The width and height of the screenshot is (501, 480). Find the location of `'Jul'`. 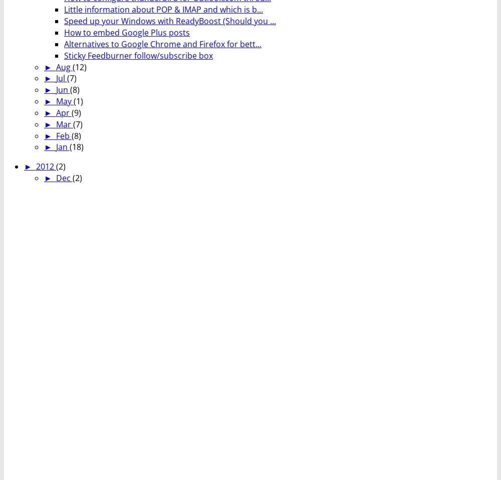

'Jul' is located at coordinates (55, 78).